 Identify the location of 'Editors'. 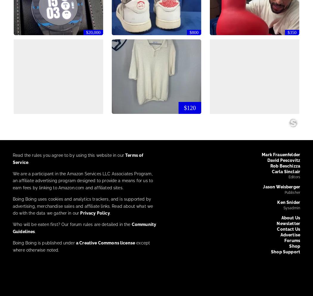
(288, 177).